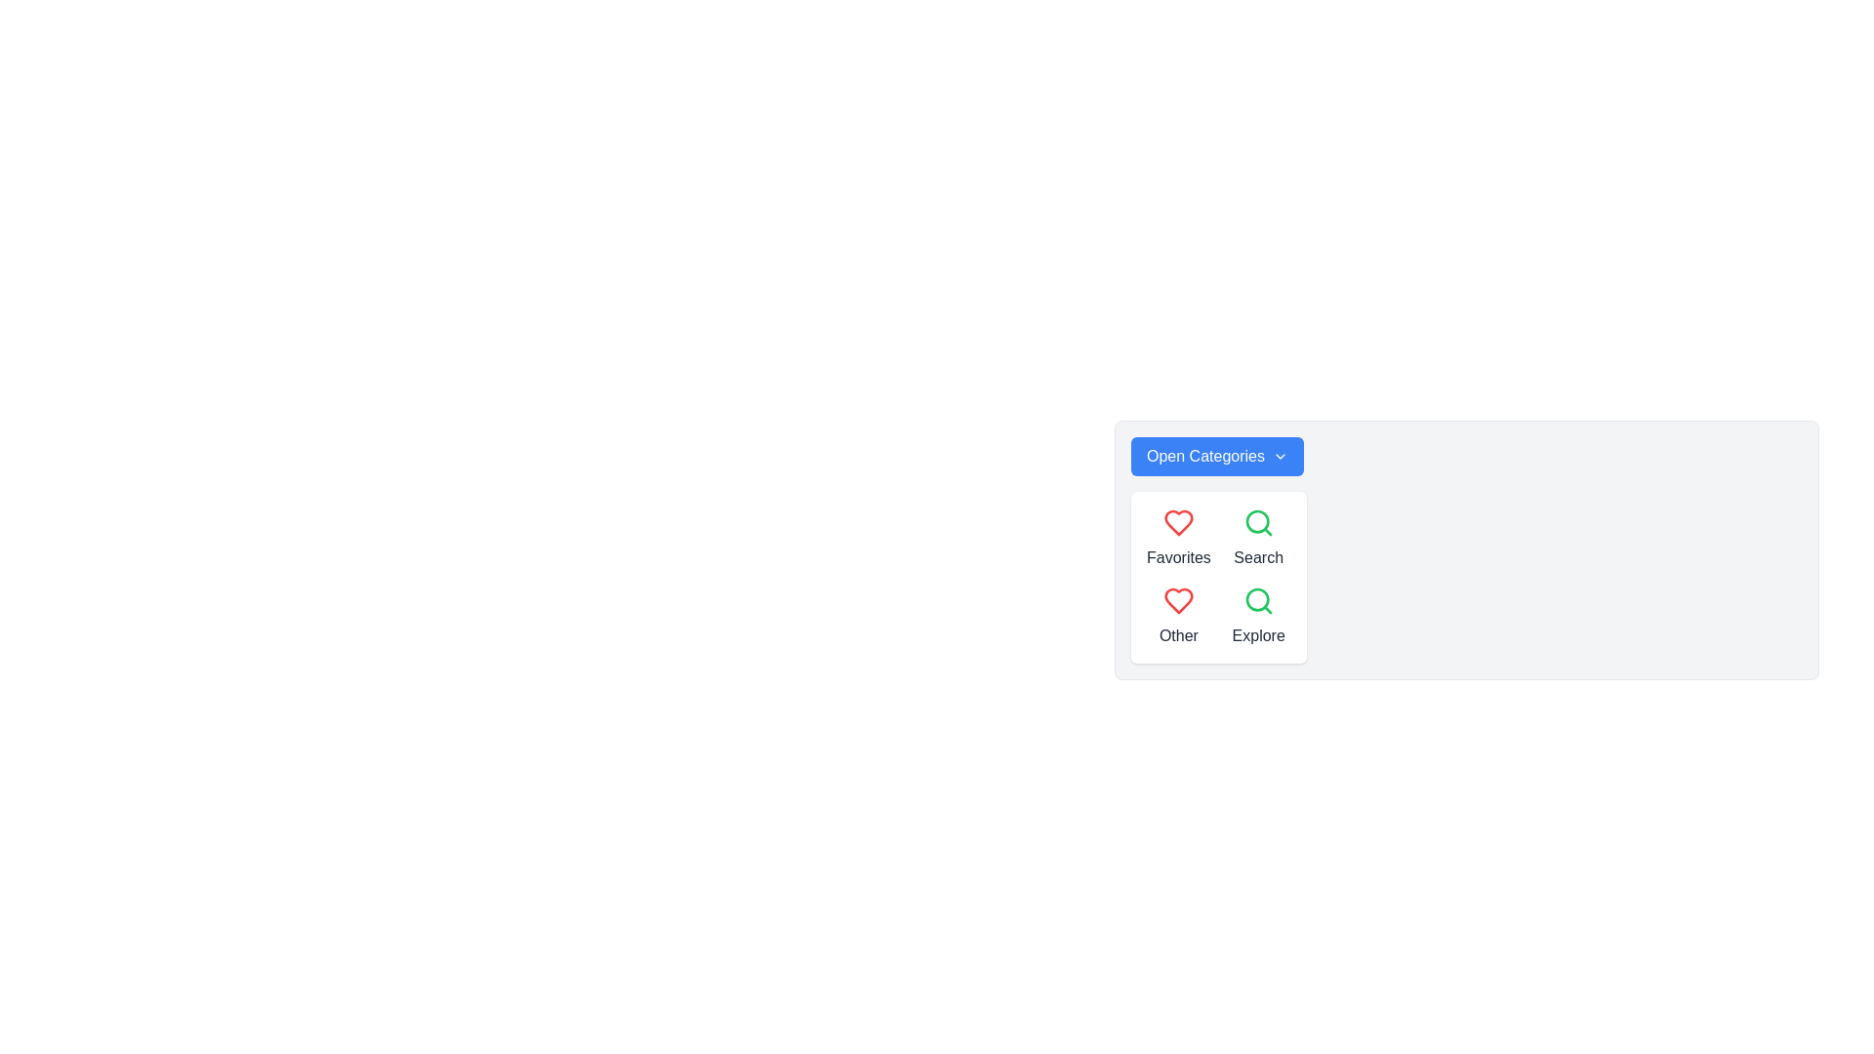  I want to click on the grid layout containing interactive navigation items, so click(1217, 576).